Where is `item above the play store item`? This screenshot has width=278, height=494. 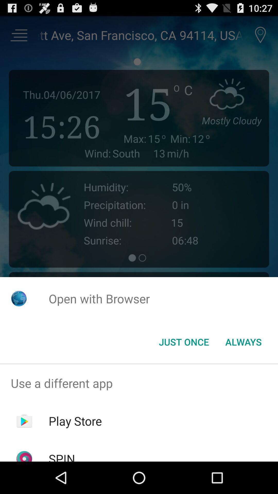
item above the play store item is located at coordinates (139, 383).